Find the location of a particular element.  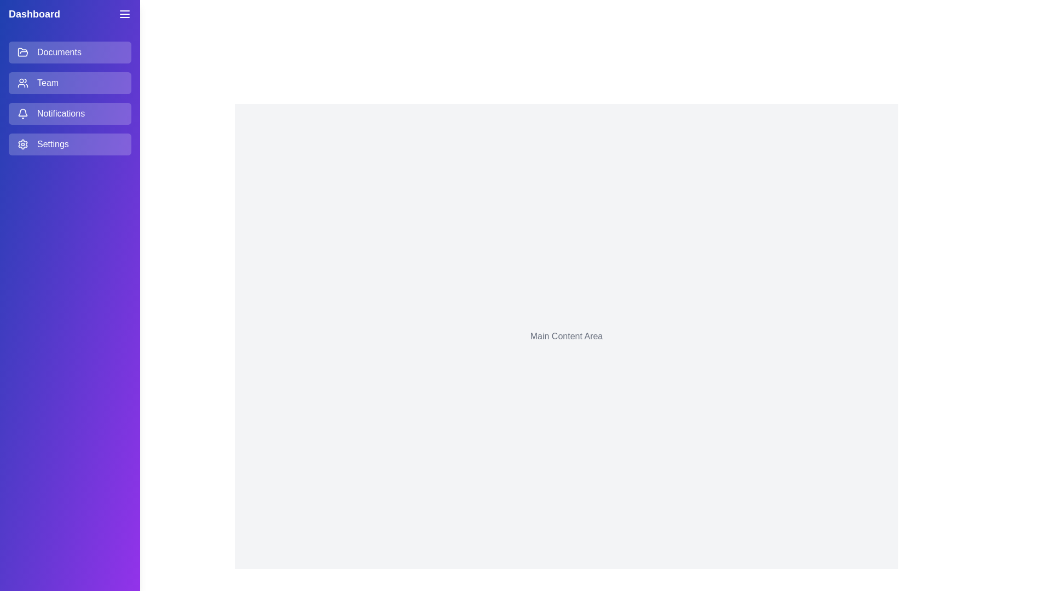

the menu item Notifications to observe hover effects is located at coordinates (70, 114).